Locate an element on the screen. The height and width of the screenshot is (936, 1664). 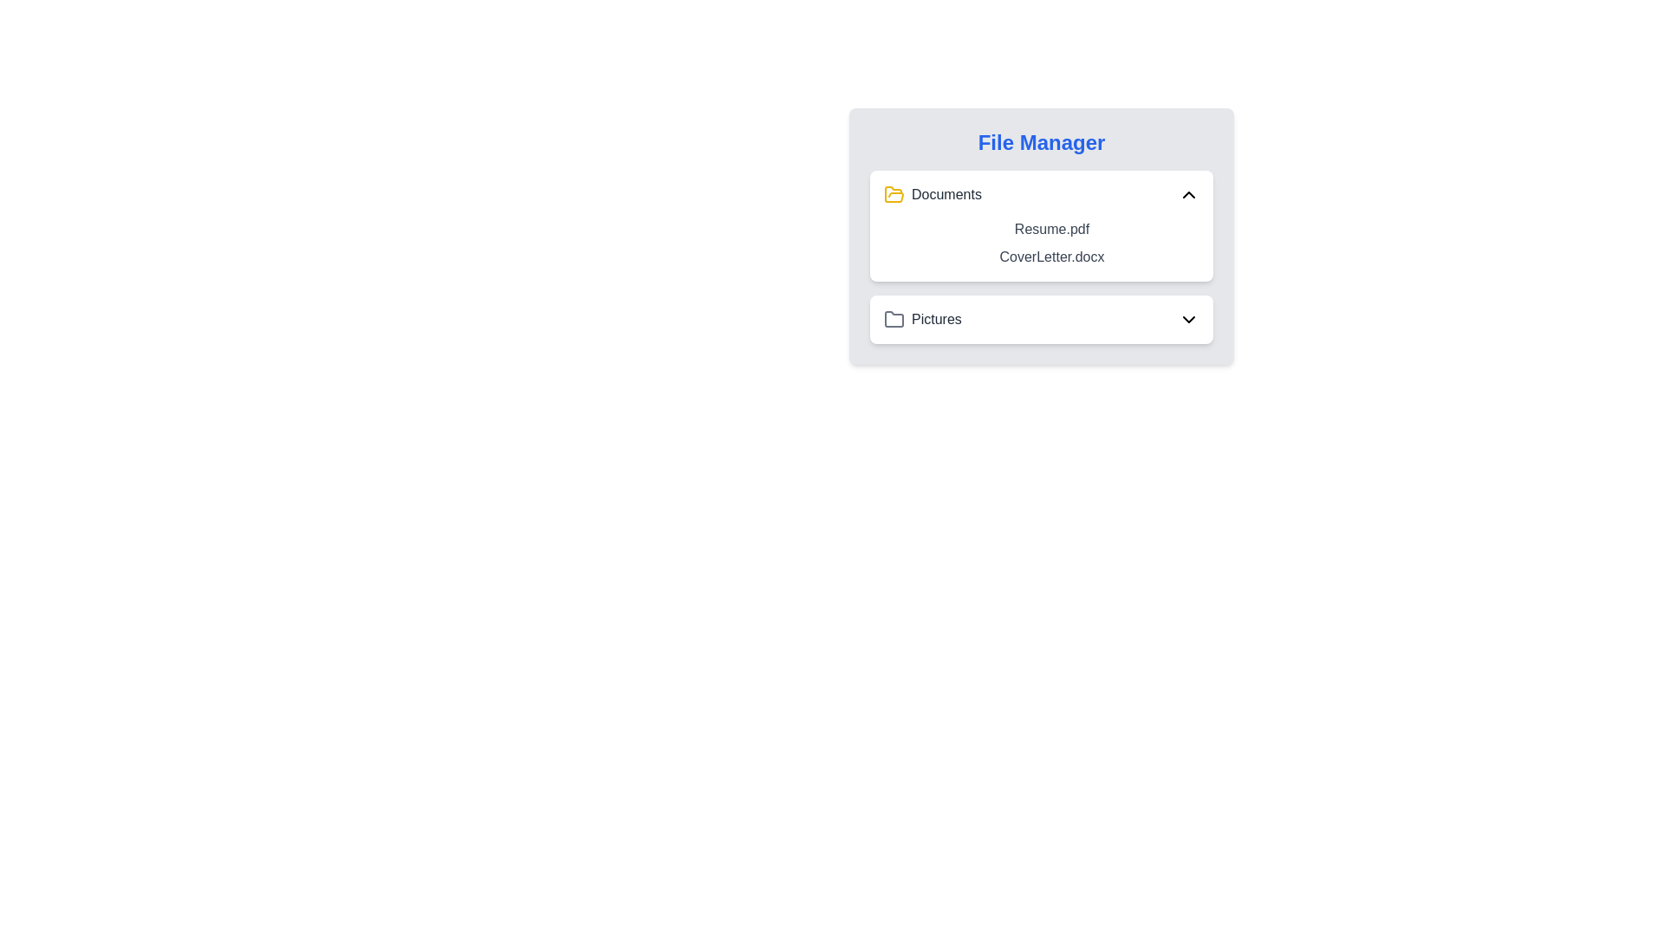
text label displaying the filename 'Resume.pdf' in dark gray color located in the file manager interface under the 'Documents' folder is located at coordinates (1051, 229).